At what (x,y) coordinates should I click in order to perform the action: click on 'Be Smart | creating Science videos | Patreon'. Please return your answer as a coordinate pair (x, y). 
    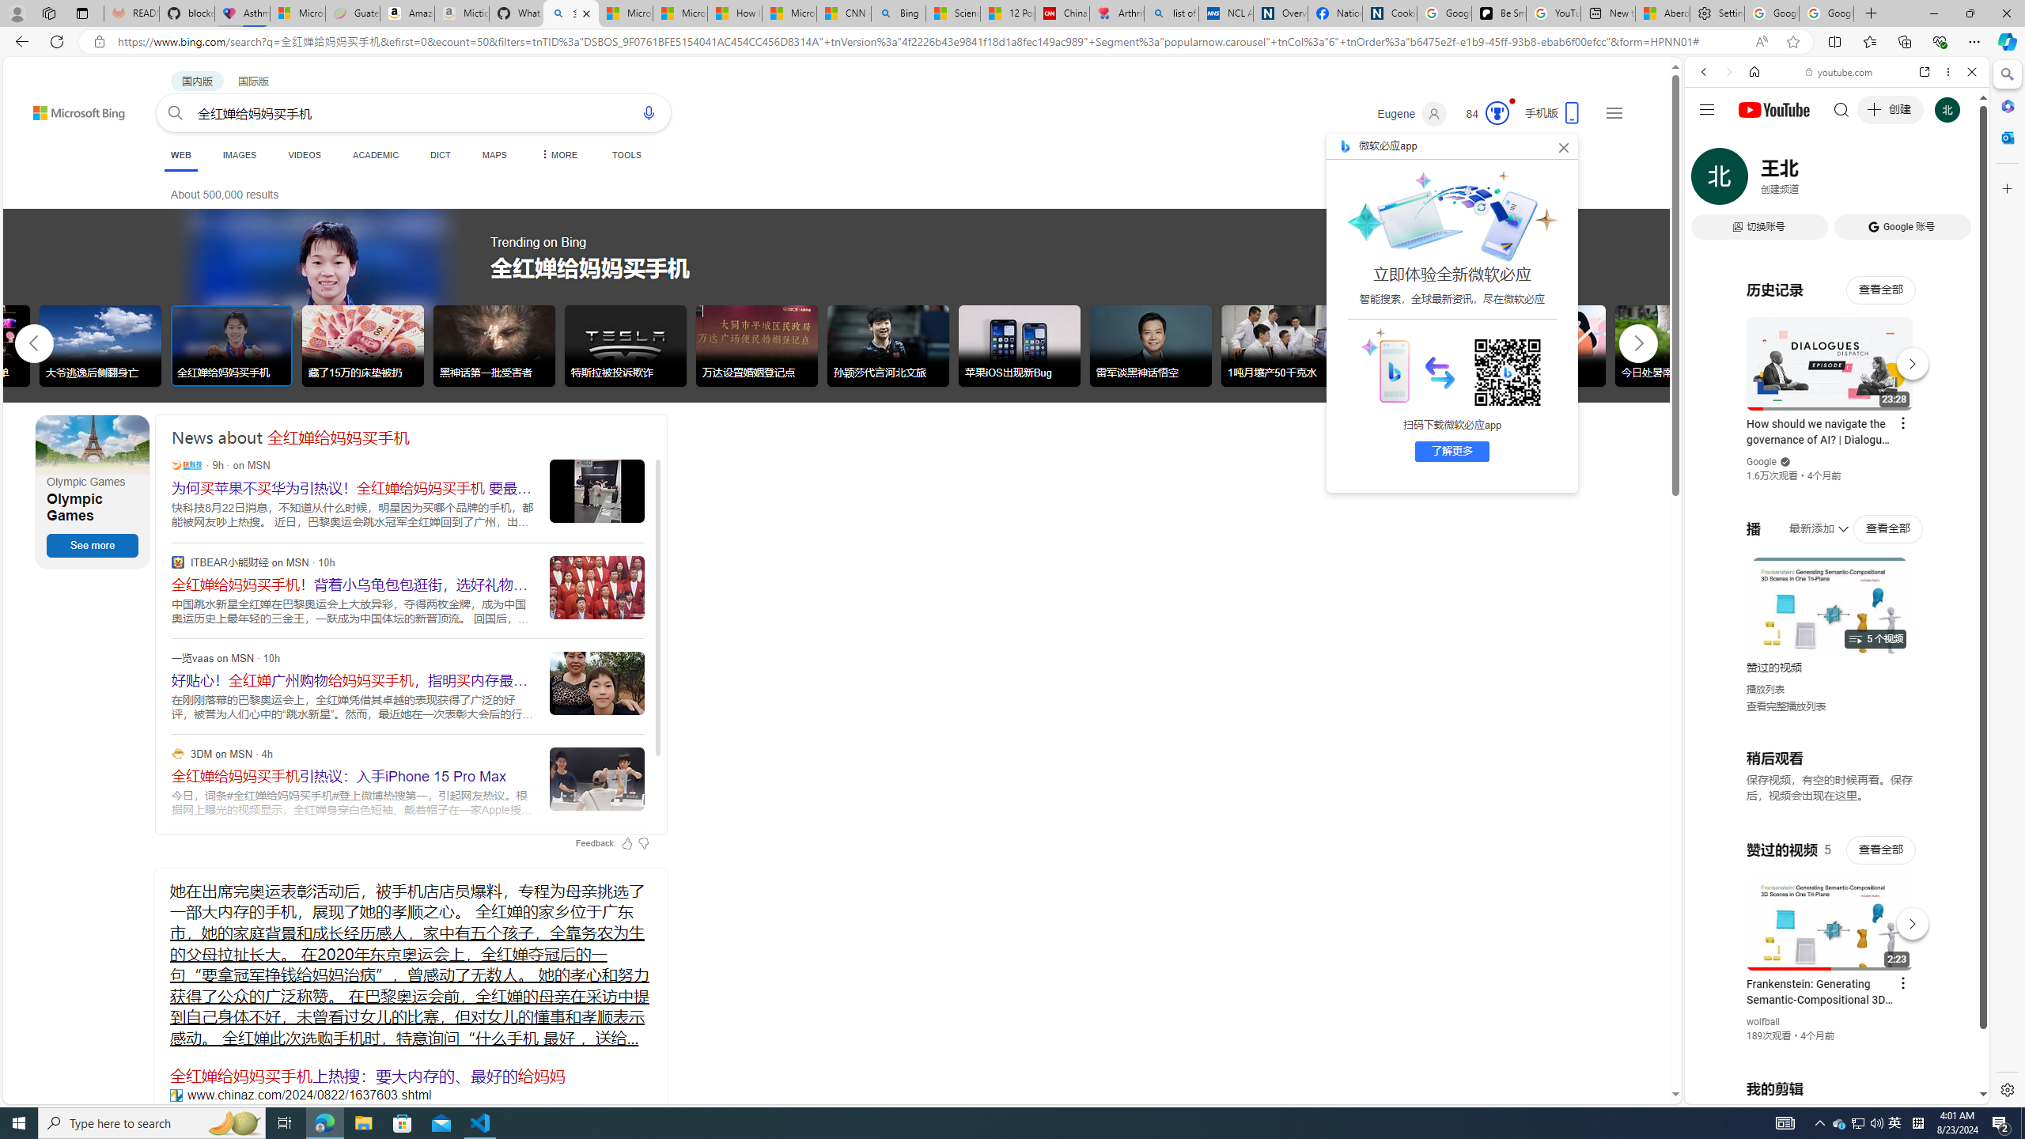
    Looking at the image, I should click on (1497, 13).